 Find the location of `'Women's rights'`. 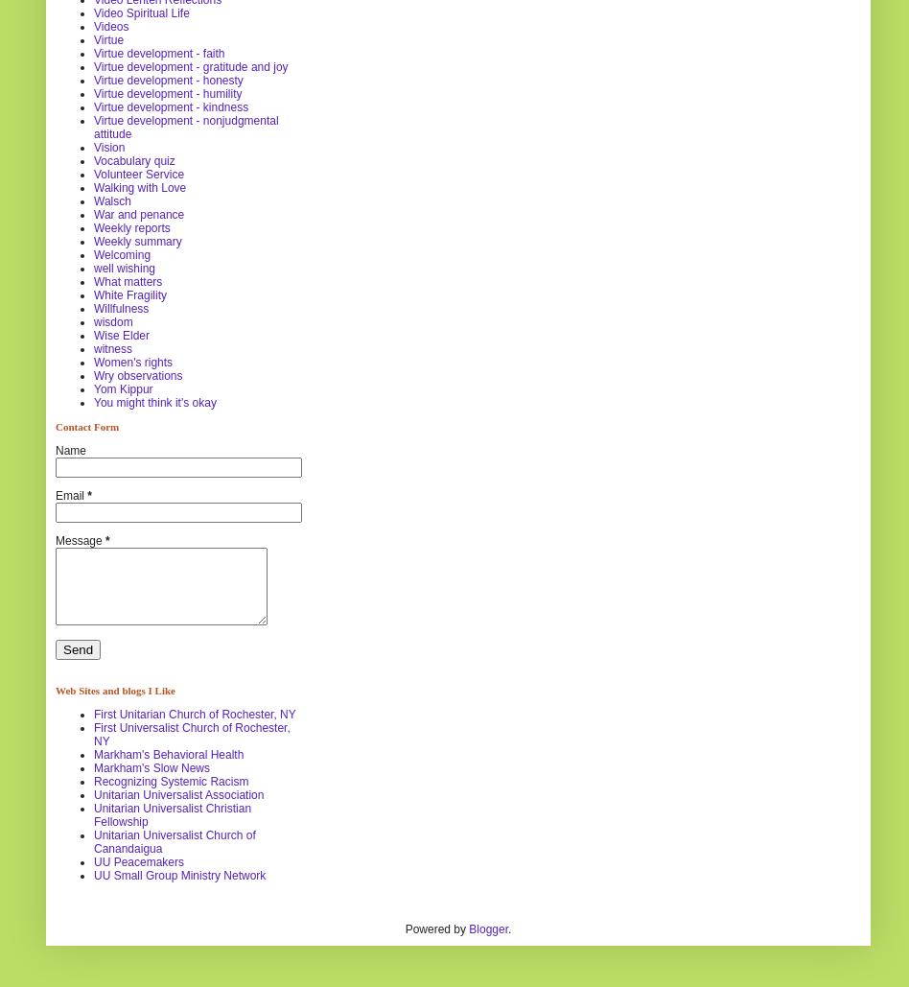

'Women's rights' is located at coordinates (131, 361).